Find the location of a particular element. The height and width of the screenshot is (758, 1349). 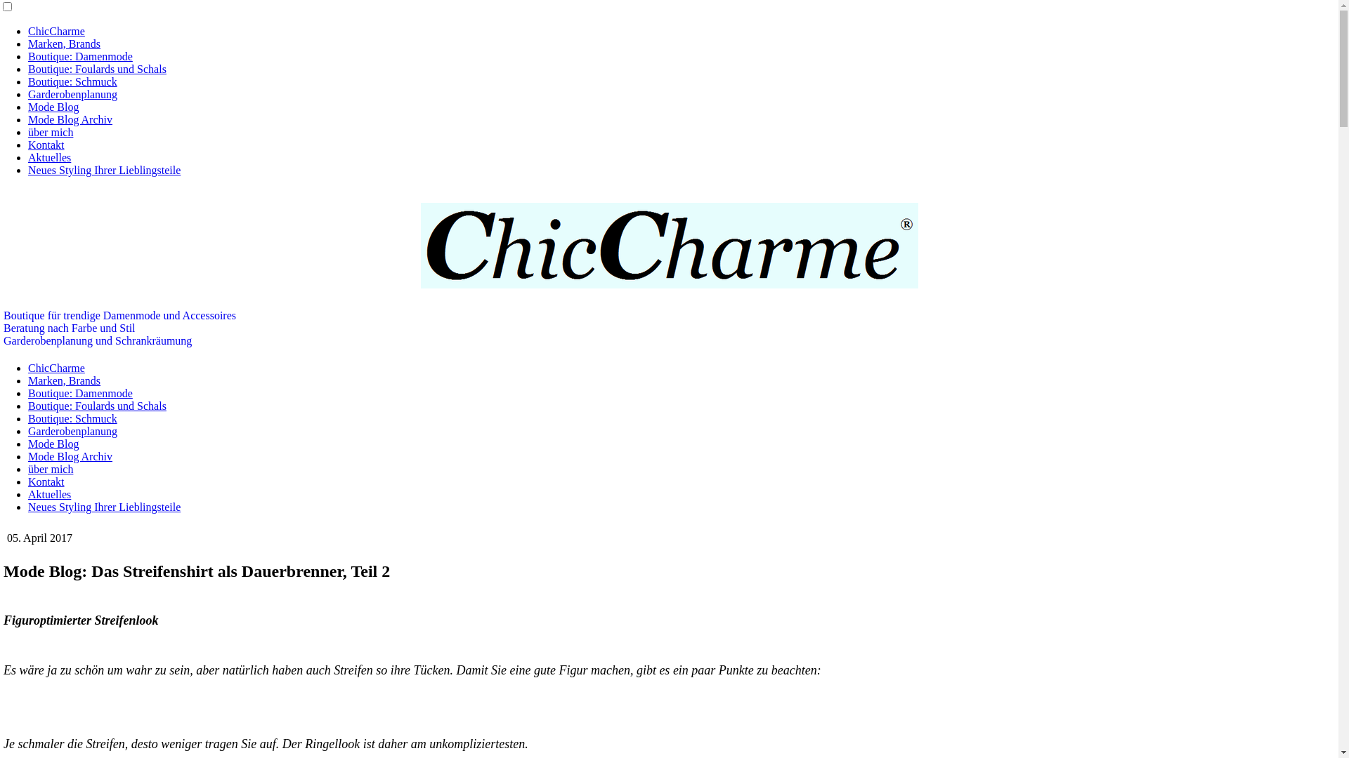

'Neues Styling Ihrer Lieblingsteile' is located at coordinates (103, 169).